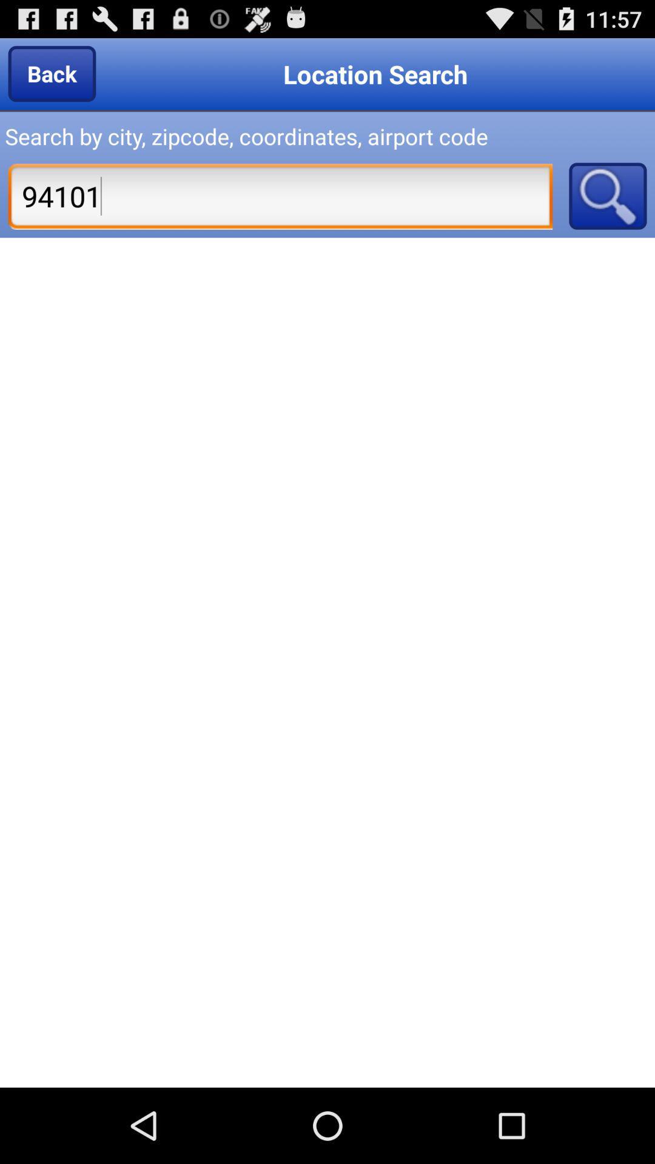 The height and width of the screenshot is (1164, 655). What do you see at coordinates (51, 73) in the screenshot?
I see `the item to the left of location search item` at bounding box center [51, 73].